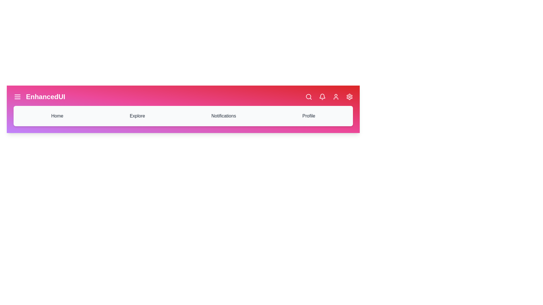 The width and height of the screenshot is (543, 305). I want to click on the icon corresponding to User, so click(336, 97).